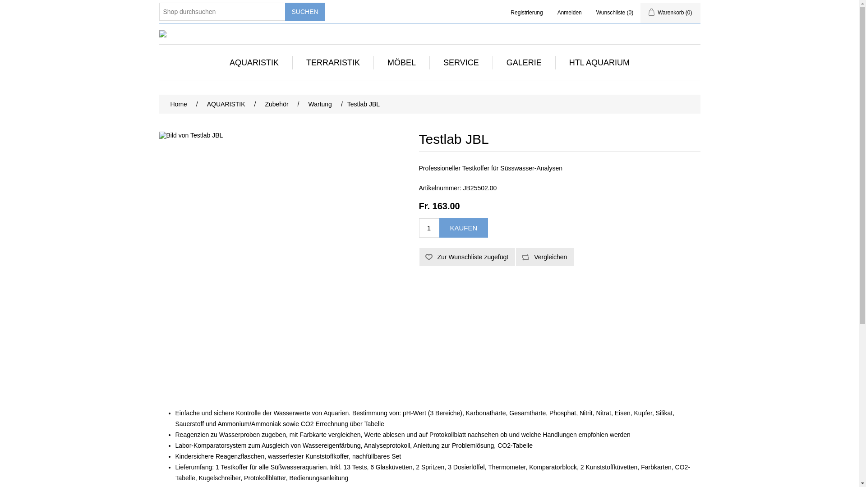 The width and height of the screenshot is (866, 487). Describe the element at coordinates (464, 227) in the screenshot. I see `'Kaufen'` at that location.